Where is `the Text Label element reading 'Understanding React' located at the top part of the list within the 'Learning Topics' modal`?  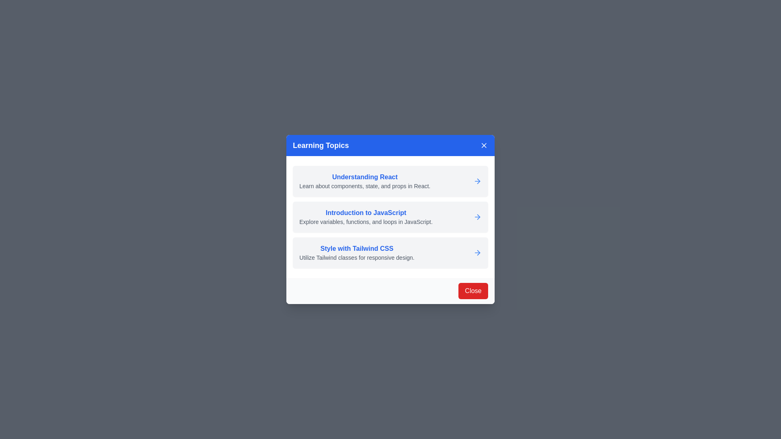
the Text Label element reading 'Understanding React' located at the top part of the list within the 'Learning Topics' modal is located at coordinates (364, 176).